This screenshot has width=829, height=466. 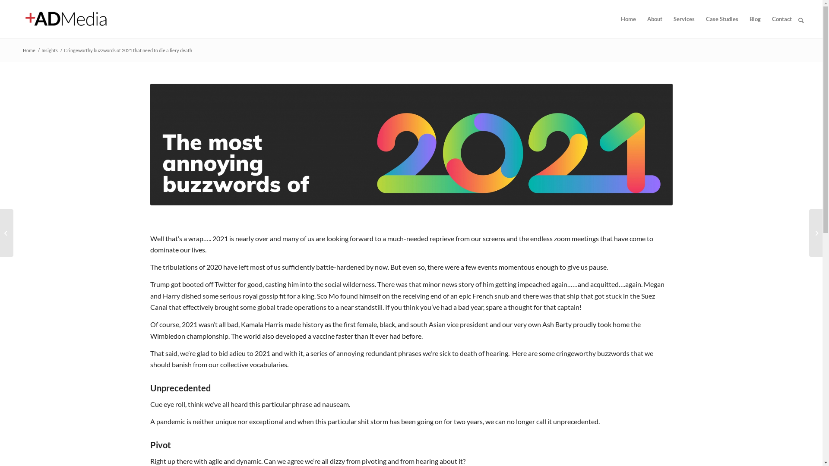 What do you see at coordinates (754, 19) in the screenshot?
I see `'Blog'` at bounding box center [754, 19].